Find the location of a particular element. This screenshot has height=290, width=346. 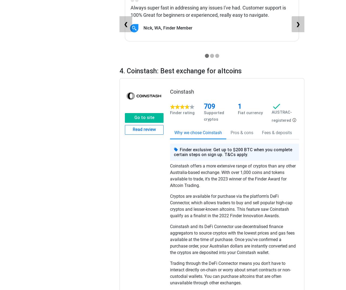

'Read review' is located at coordinates (144, 129).